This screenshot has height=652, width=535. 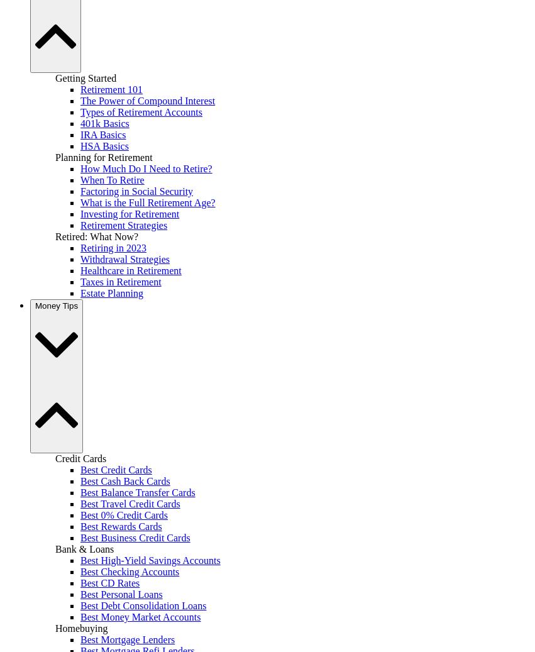 I want to click on 'Best 0% Credit Cards', so click(x=124, y=514).